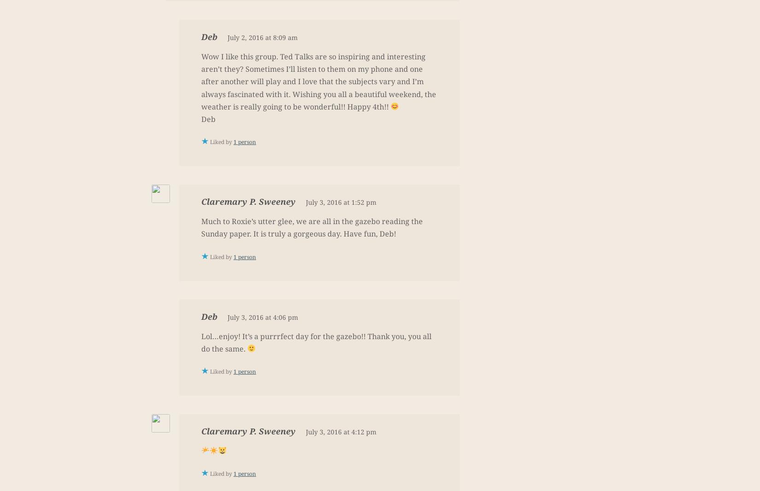 This screenshot has width=760, height=491. Describe the element at coordinates (311, 227) in the screenshot. I see `'Much to Roxie’s utter glee, we are all in the gazebo reading the Sunday paper. It is truly a gorgeous day. Have fun, Deb!'` at that location.